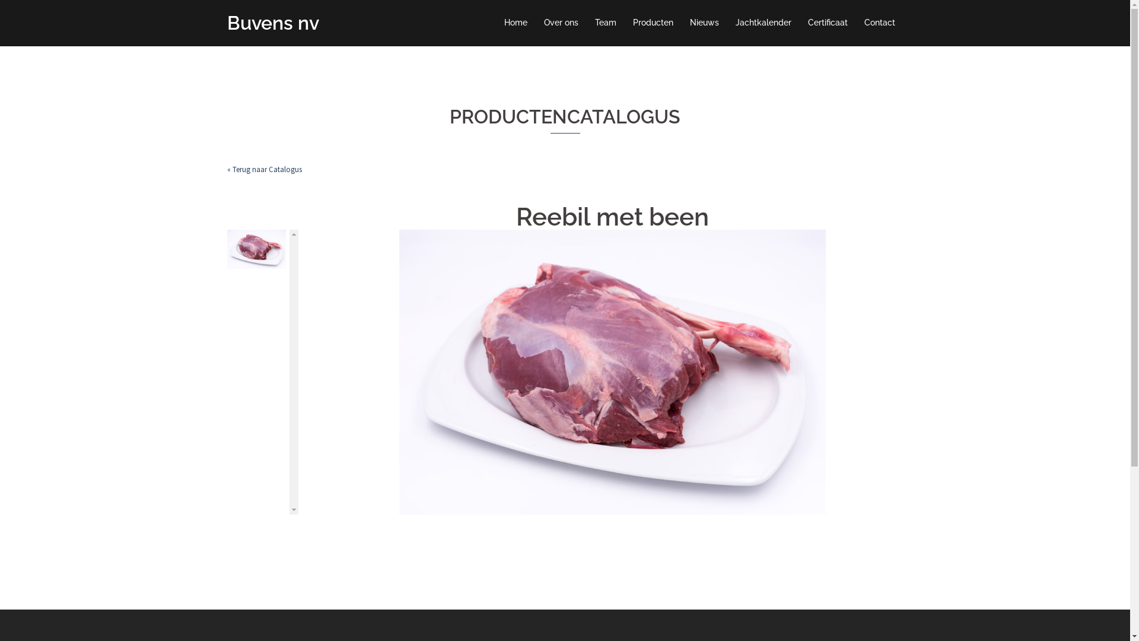  Describe the element at coordinates (651, 23) in the screenshot. I see `'Producten'` at that location.